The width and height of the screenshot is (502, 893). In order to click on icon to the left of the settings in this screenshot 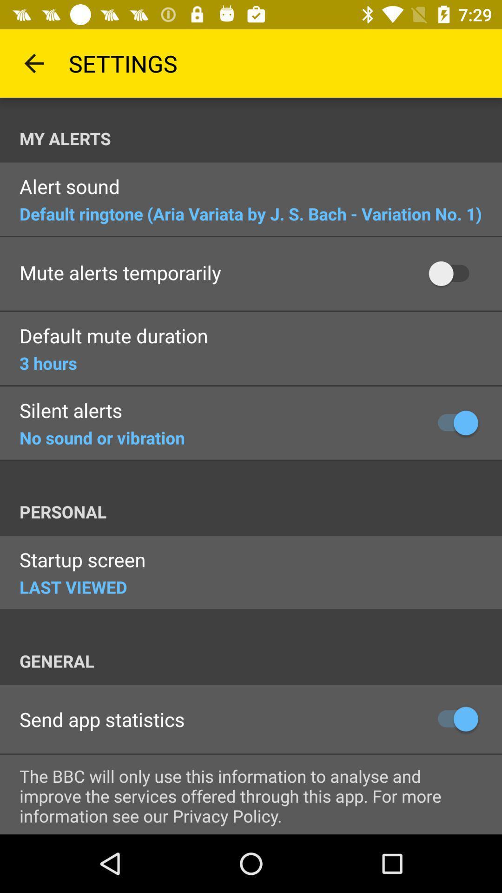, I will do `click(33, 63)`.